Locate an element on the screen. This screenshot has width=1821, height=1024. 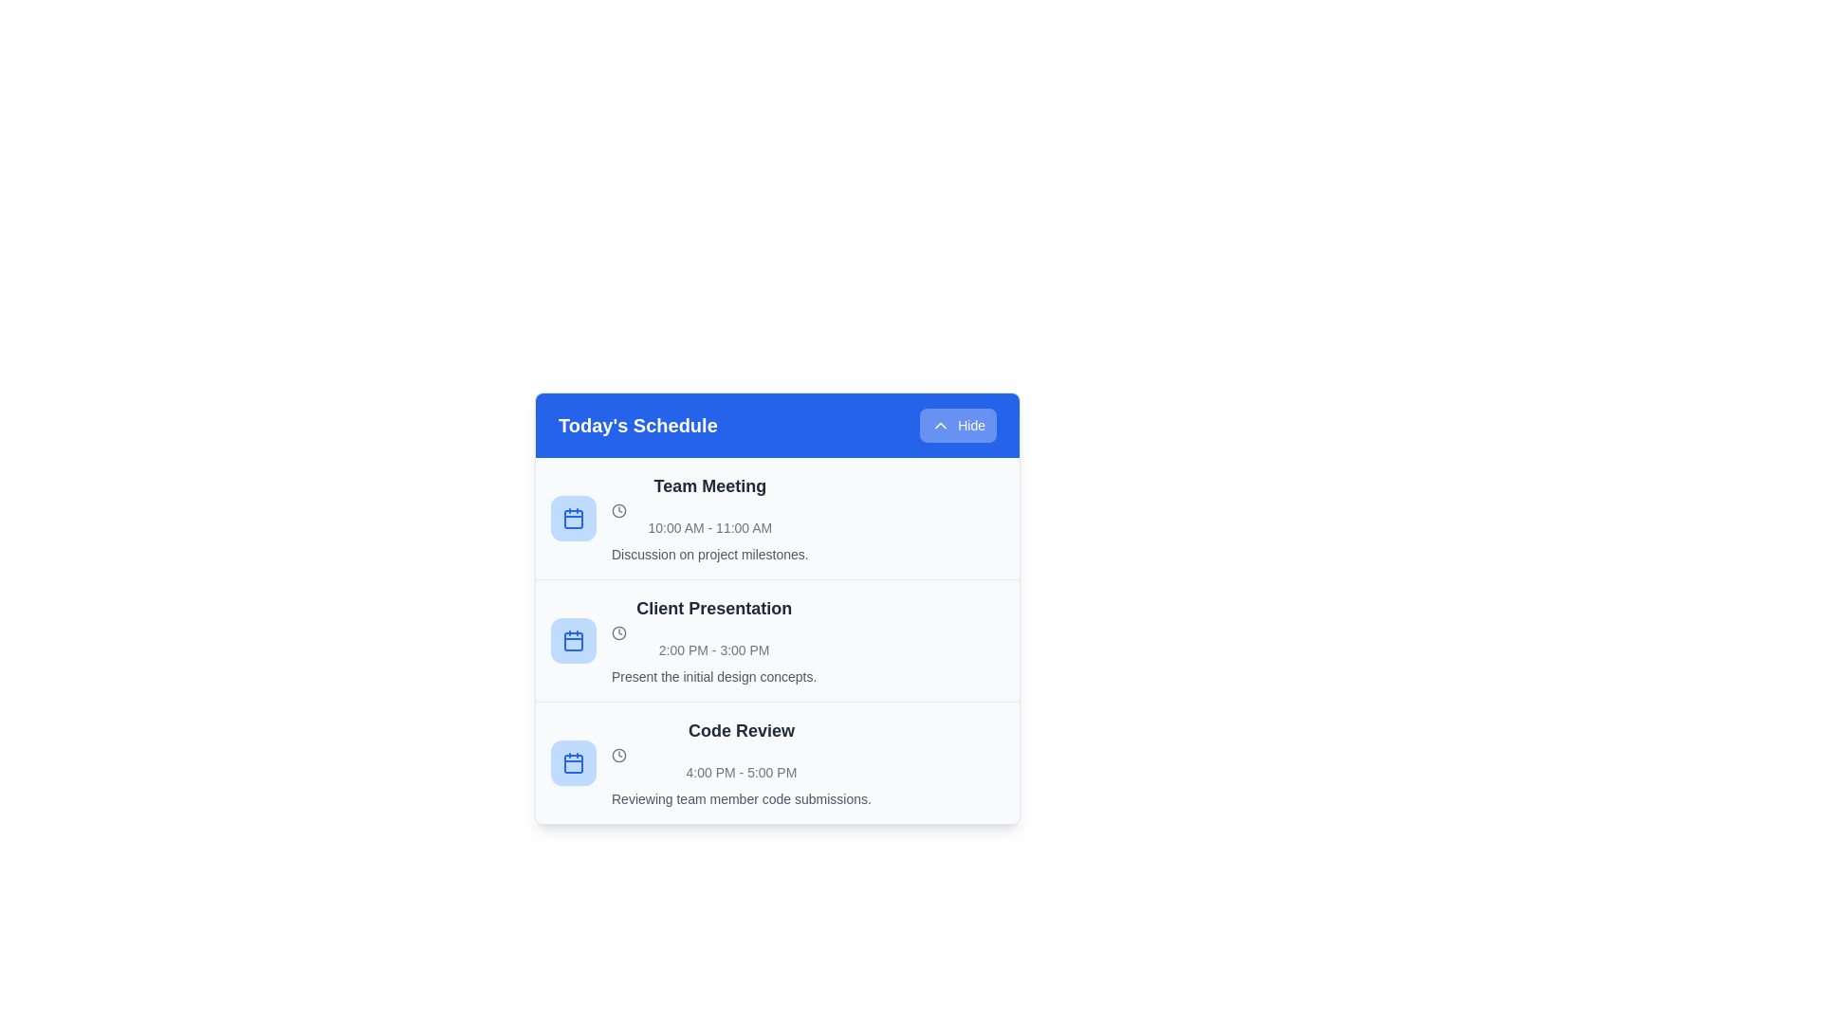
the text information element displaying '10:00 AM - 11:00 AM' with a clock icon, located under the 'Team Meeting' header in the schedule panel is located at coordinates (708, 520).